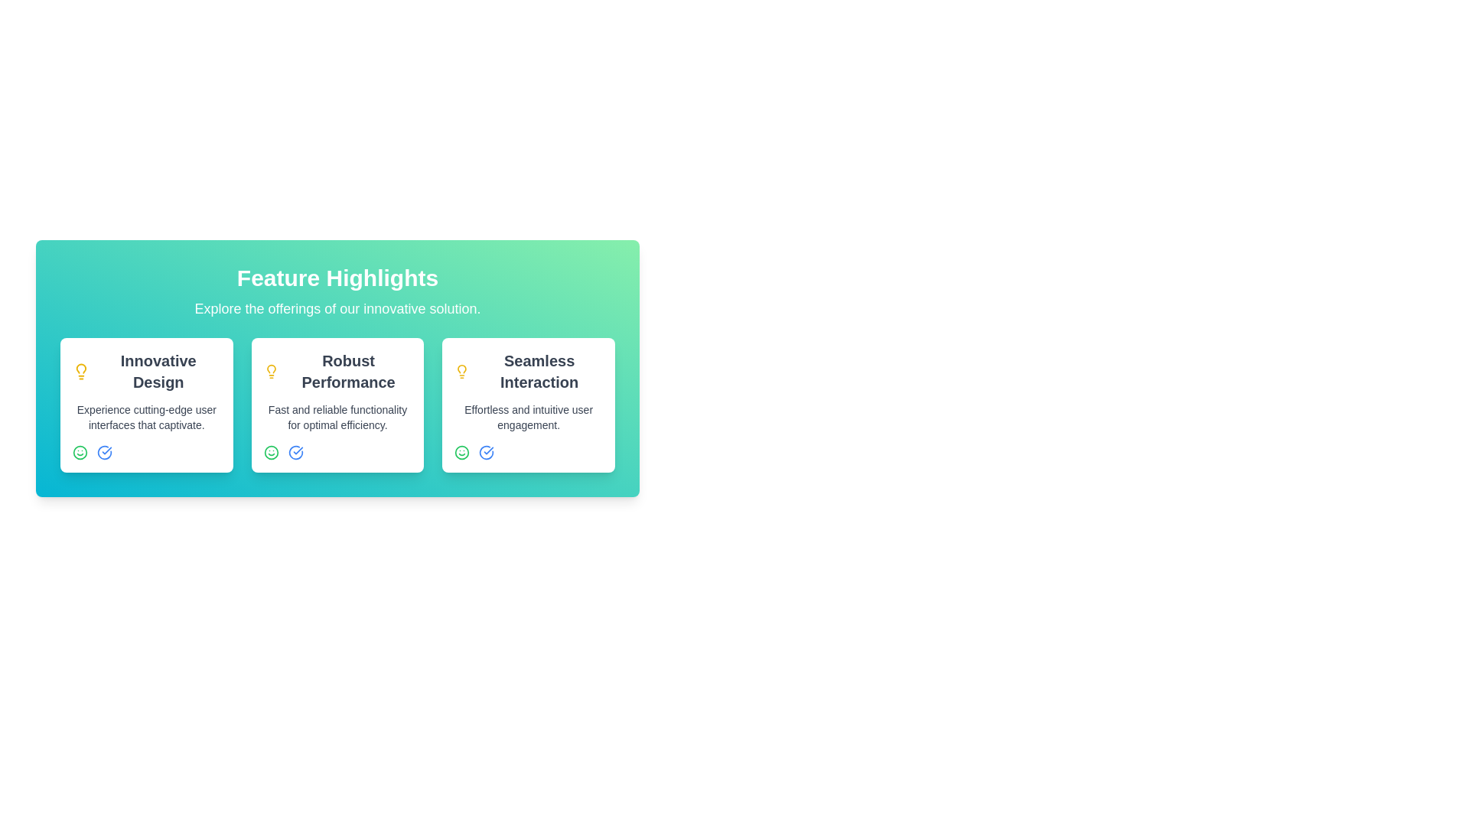 The width and height of the screenshot is (1469, 826). Describe the element at coordinates (337, 404) in the screenshot. I see `displayed information from the static card located in the middle of the three-column grid layout under the heading 'Feature Highlights.'` at that location.